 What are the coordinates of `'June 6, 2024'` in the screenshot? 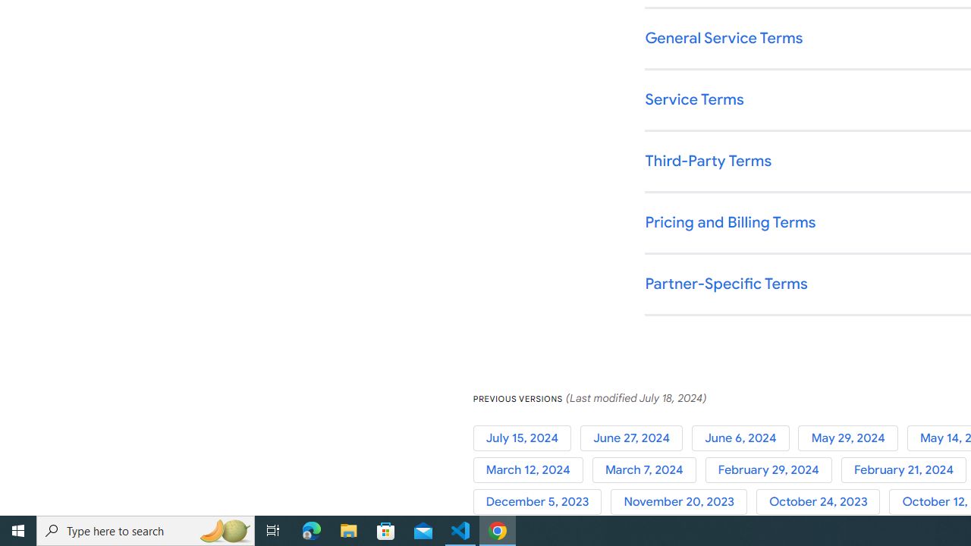 It's located at (745, 438).